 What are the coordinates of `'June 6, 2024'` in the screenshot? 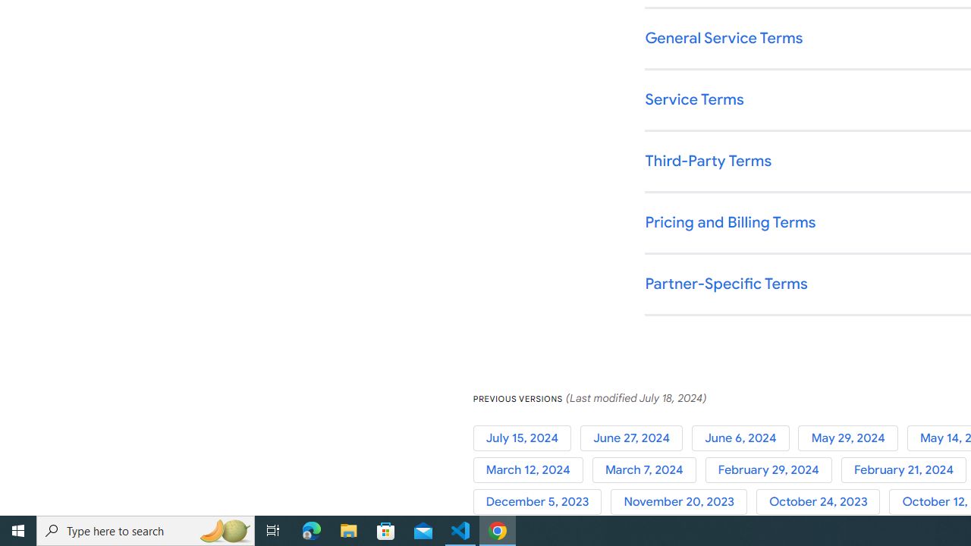 It's located at (745, 438).